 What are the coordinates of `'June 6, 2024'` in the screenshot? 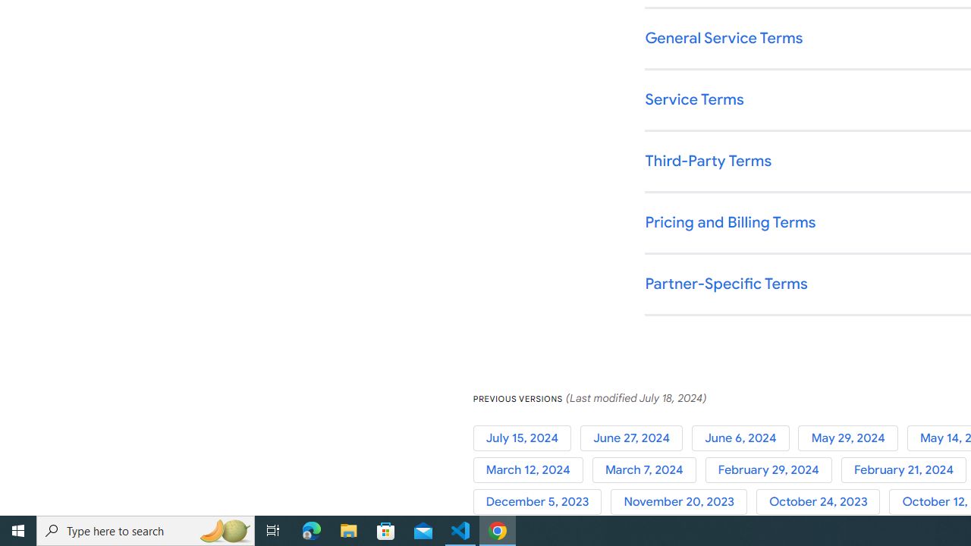 It's located at (745, 438).